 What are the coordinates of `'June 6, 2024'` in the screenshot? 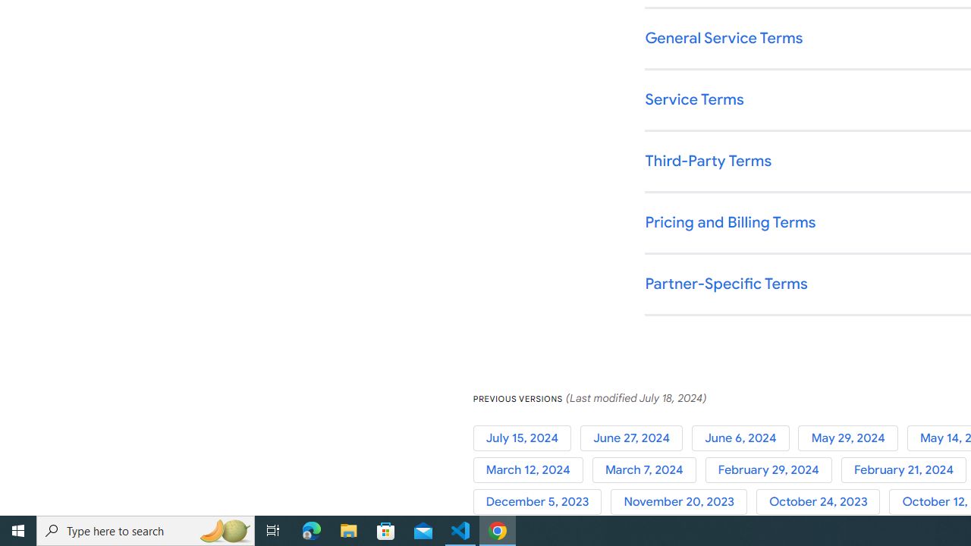 It's located at (745, 438).